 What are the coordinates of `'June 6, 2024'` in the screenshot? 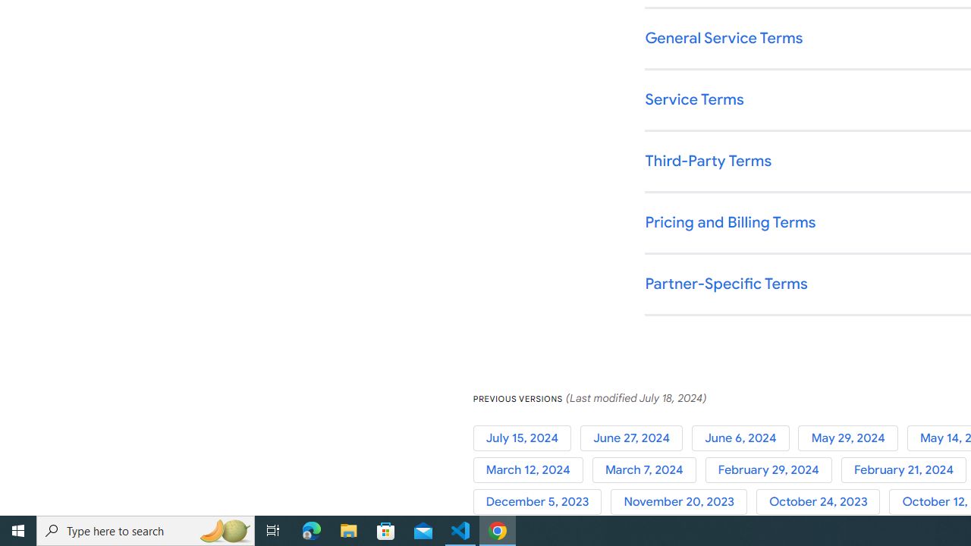 It's located at (745, 438).